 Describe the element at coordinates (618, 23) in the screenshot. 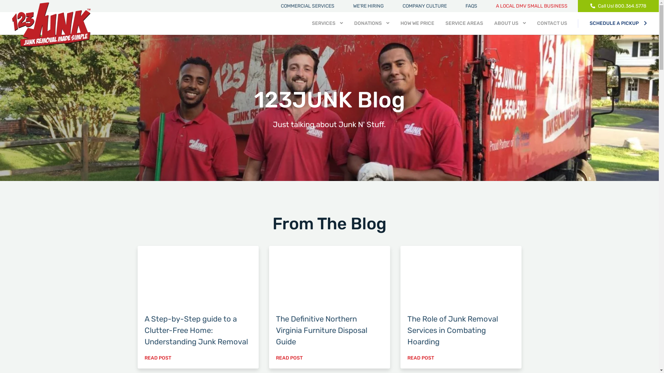

I see `'SCHEDULE A PICKUP'` at that location.